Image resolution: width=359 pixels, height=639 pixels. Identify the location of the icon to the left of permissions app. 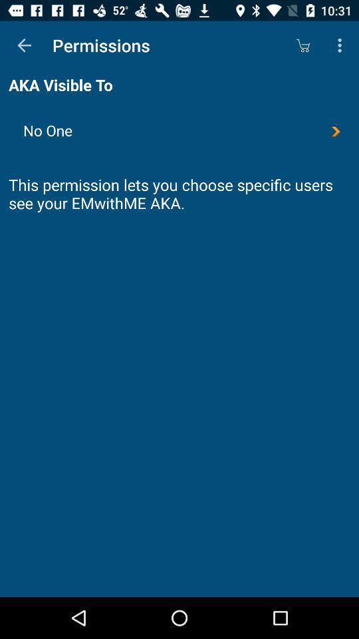
(24, 45).